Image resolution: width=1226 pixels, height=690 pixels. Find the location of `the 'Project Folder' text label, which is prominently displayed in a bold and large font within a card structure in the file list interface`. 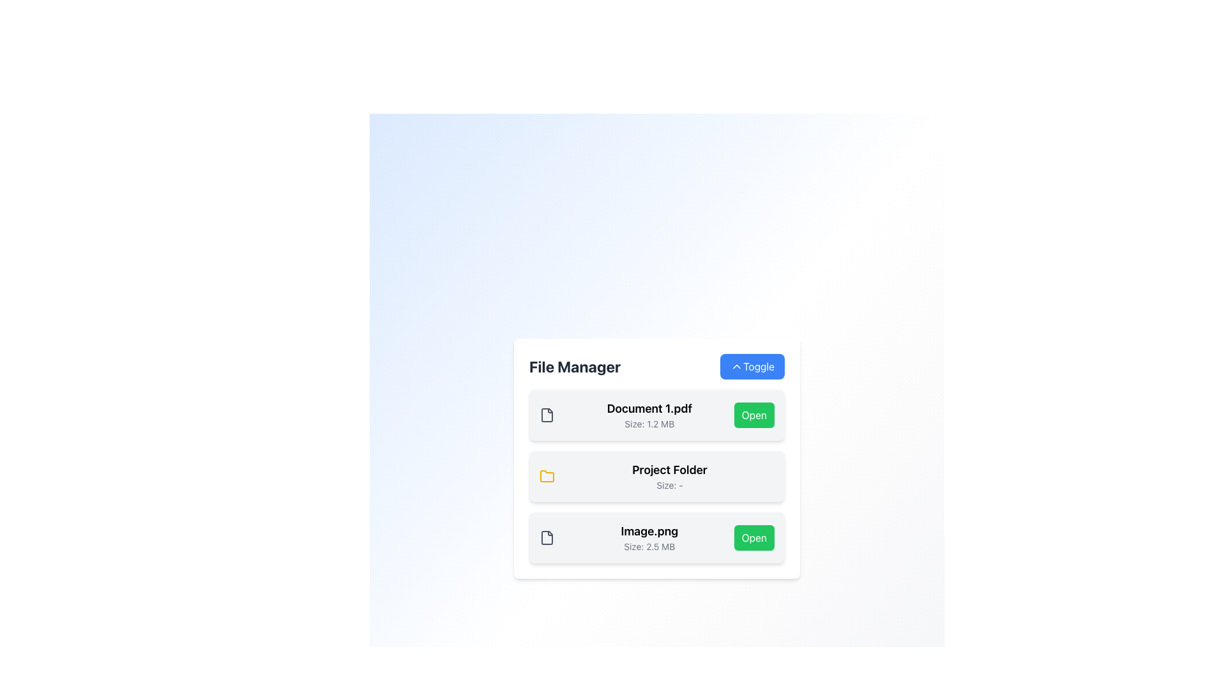

the 'Project Folder' text label, which is prominently displayed in a bold and large font within a card structure in the file list interface is located at coordinates (669, 470).